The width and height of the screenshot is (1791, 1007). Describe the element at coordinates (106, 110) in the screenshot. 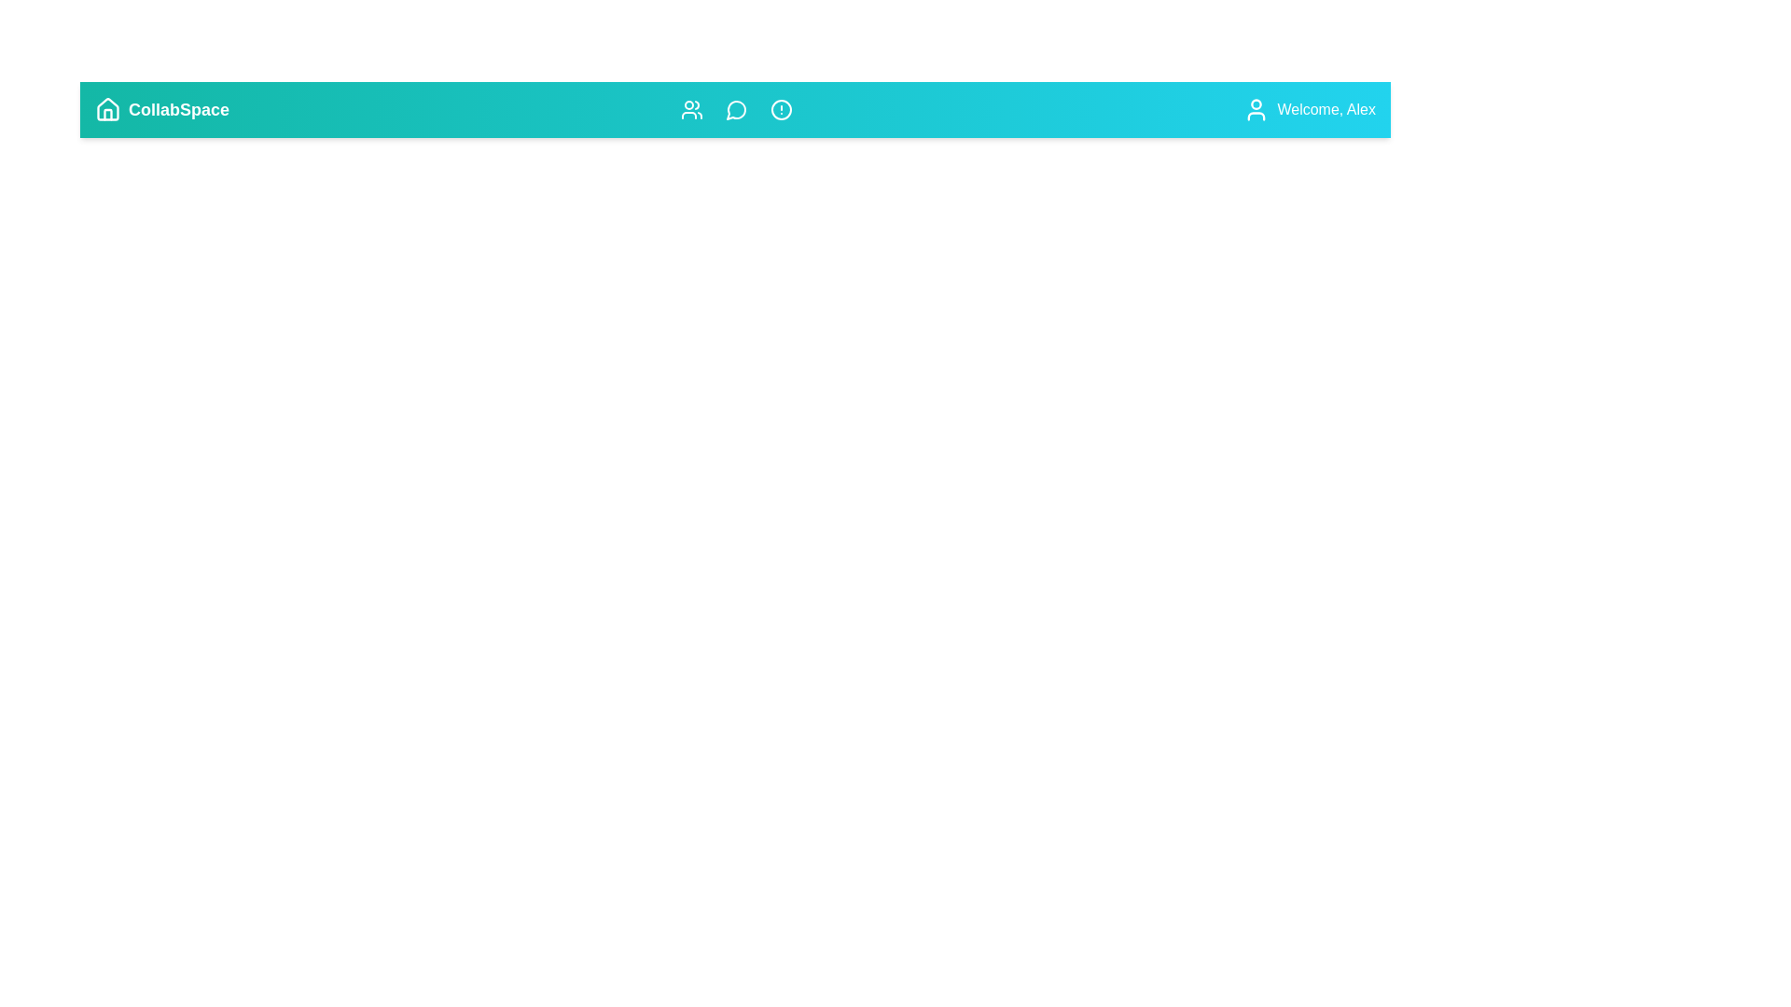

I see `the 'Home' icon to navigate to the homepage` at that location.